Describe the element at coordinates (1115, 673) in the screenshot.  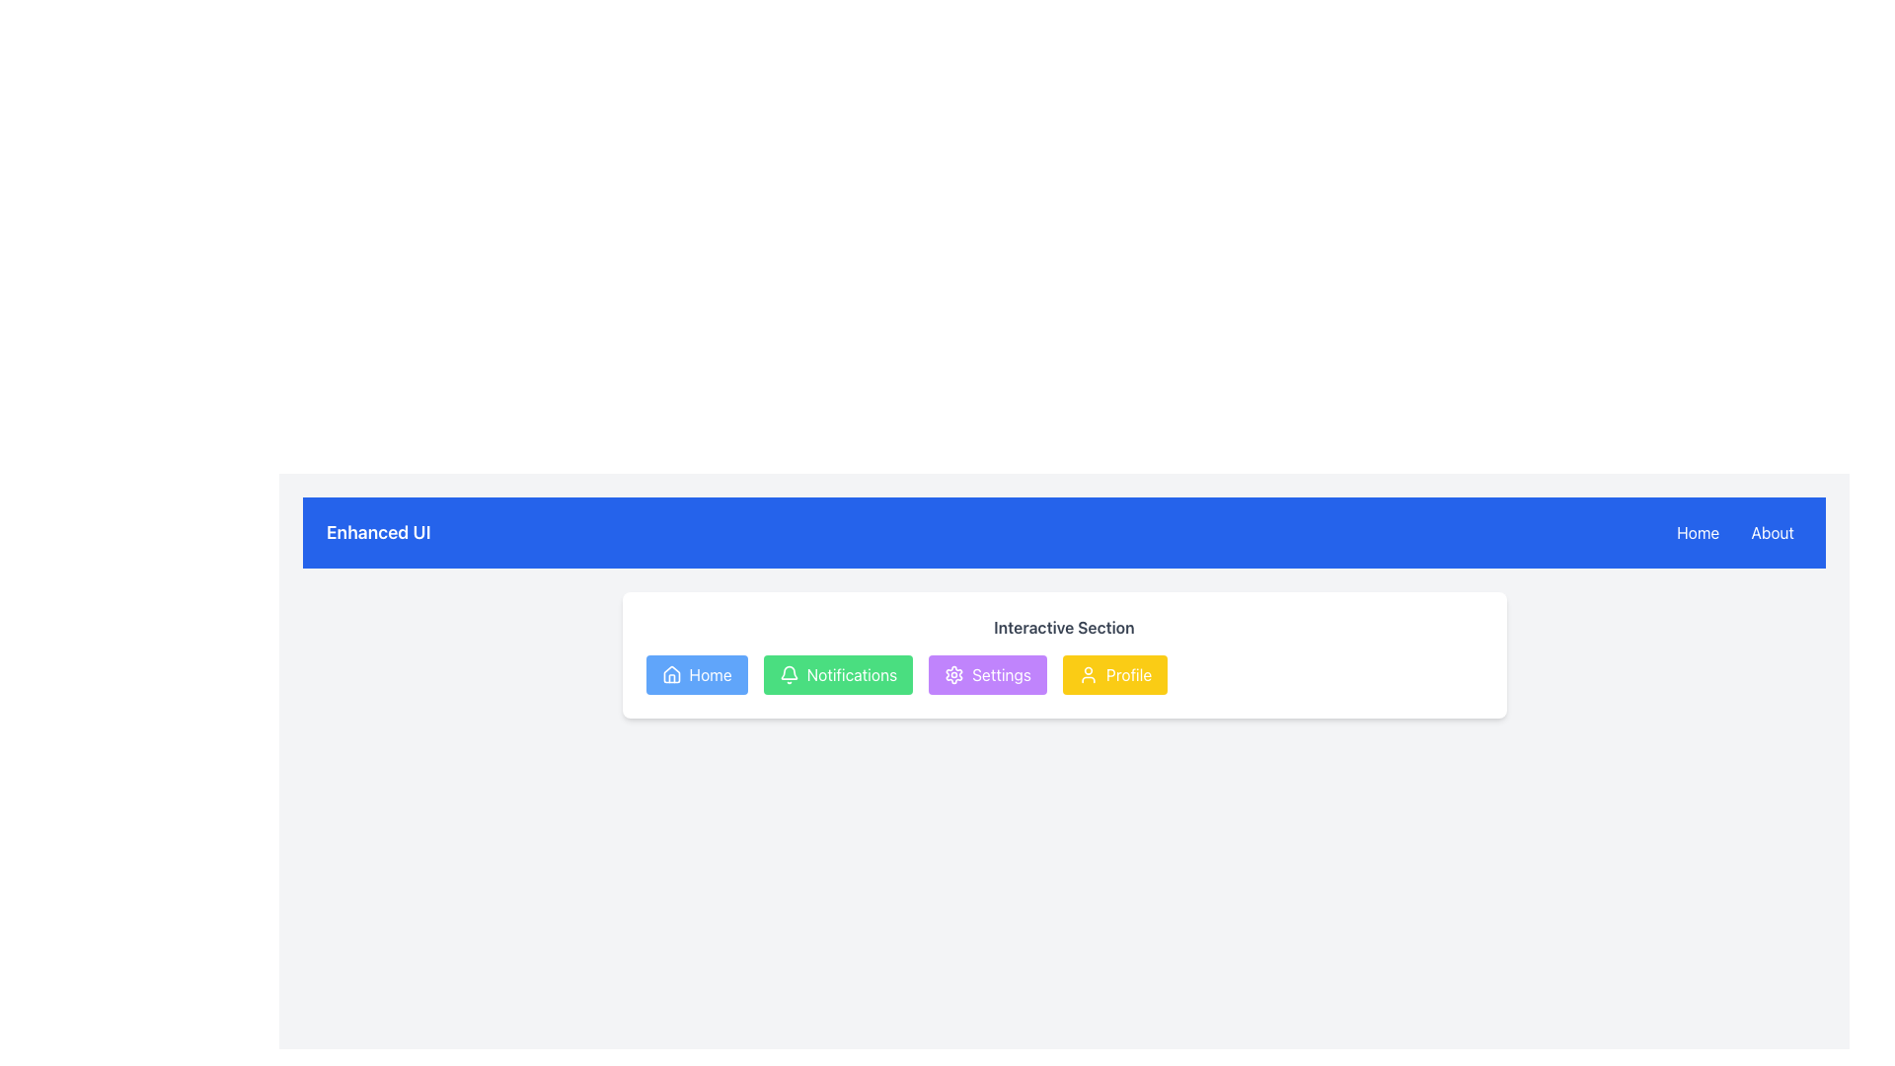
I see `the 'Profile' button, which is the last button in a group with a yellow background and rounded corners` at that location.